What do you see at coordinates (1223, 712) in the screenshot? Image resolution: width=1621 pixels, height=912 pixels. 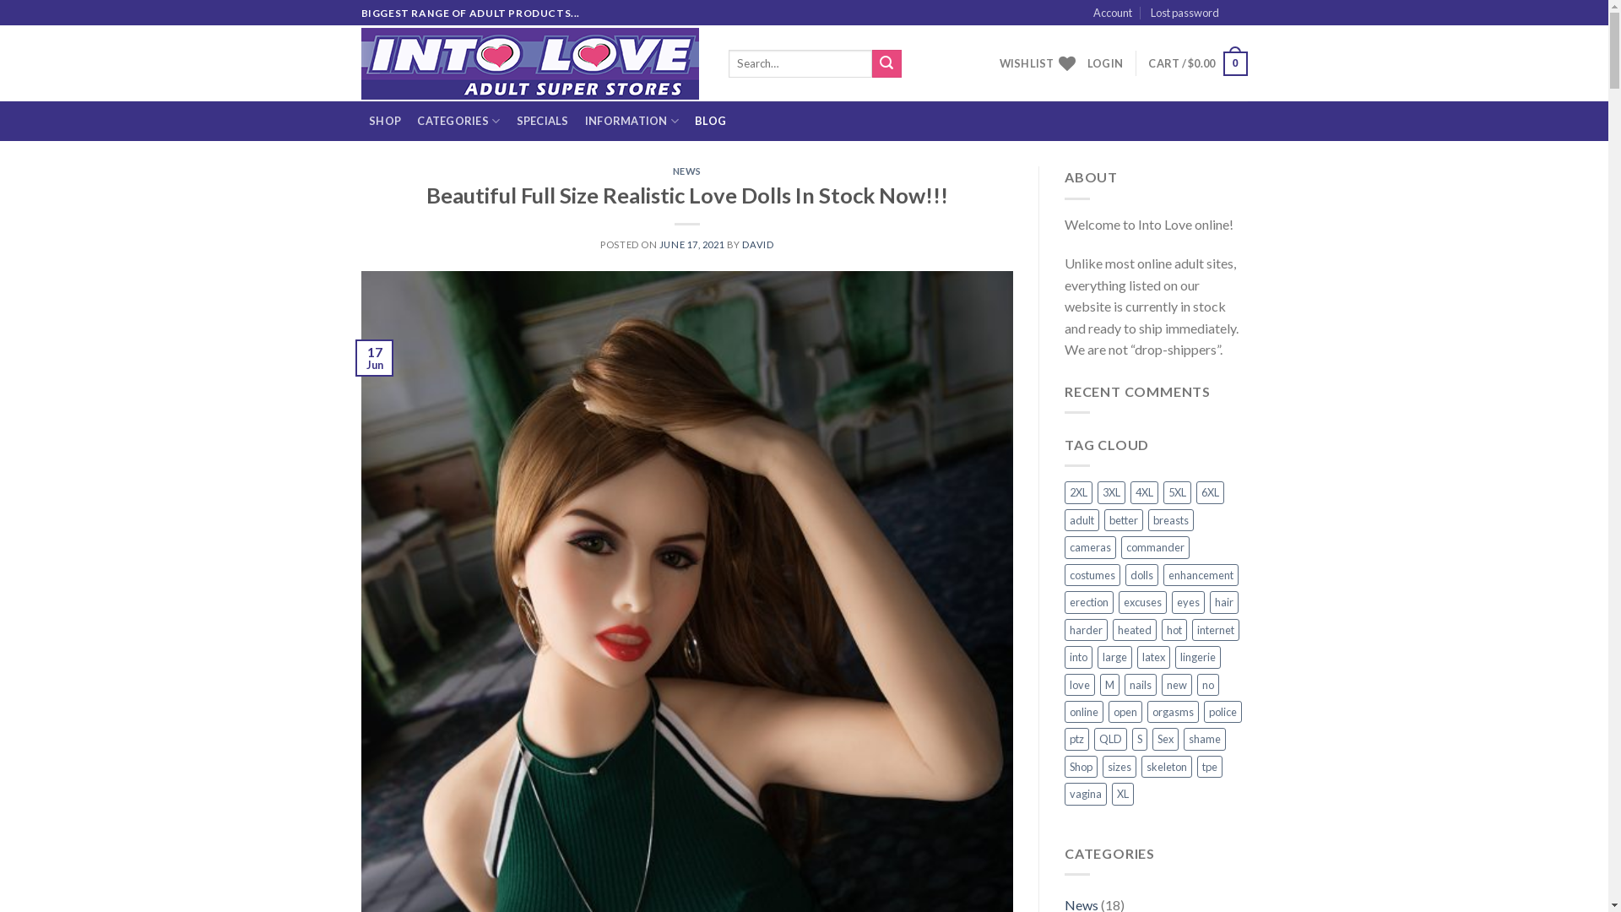 I see `'police'` at bounding box center [1223, 712].